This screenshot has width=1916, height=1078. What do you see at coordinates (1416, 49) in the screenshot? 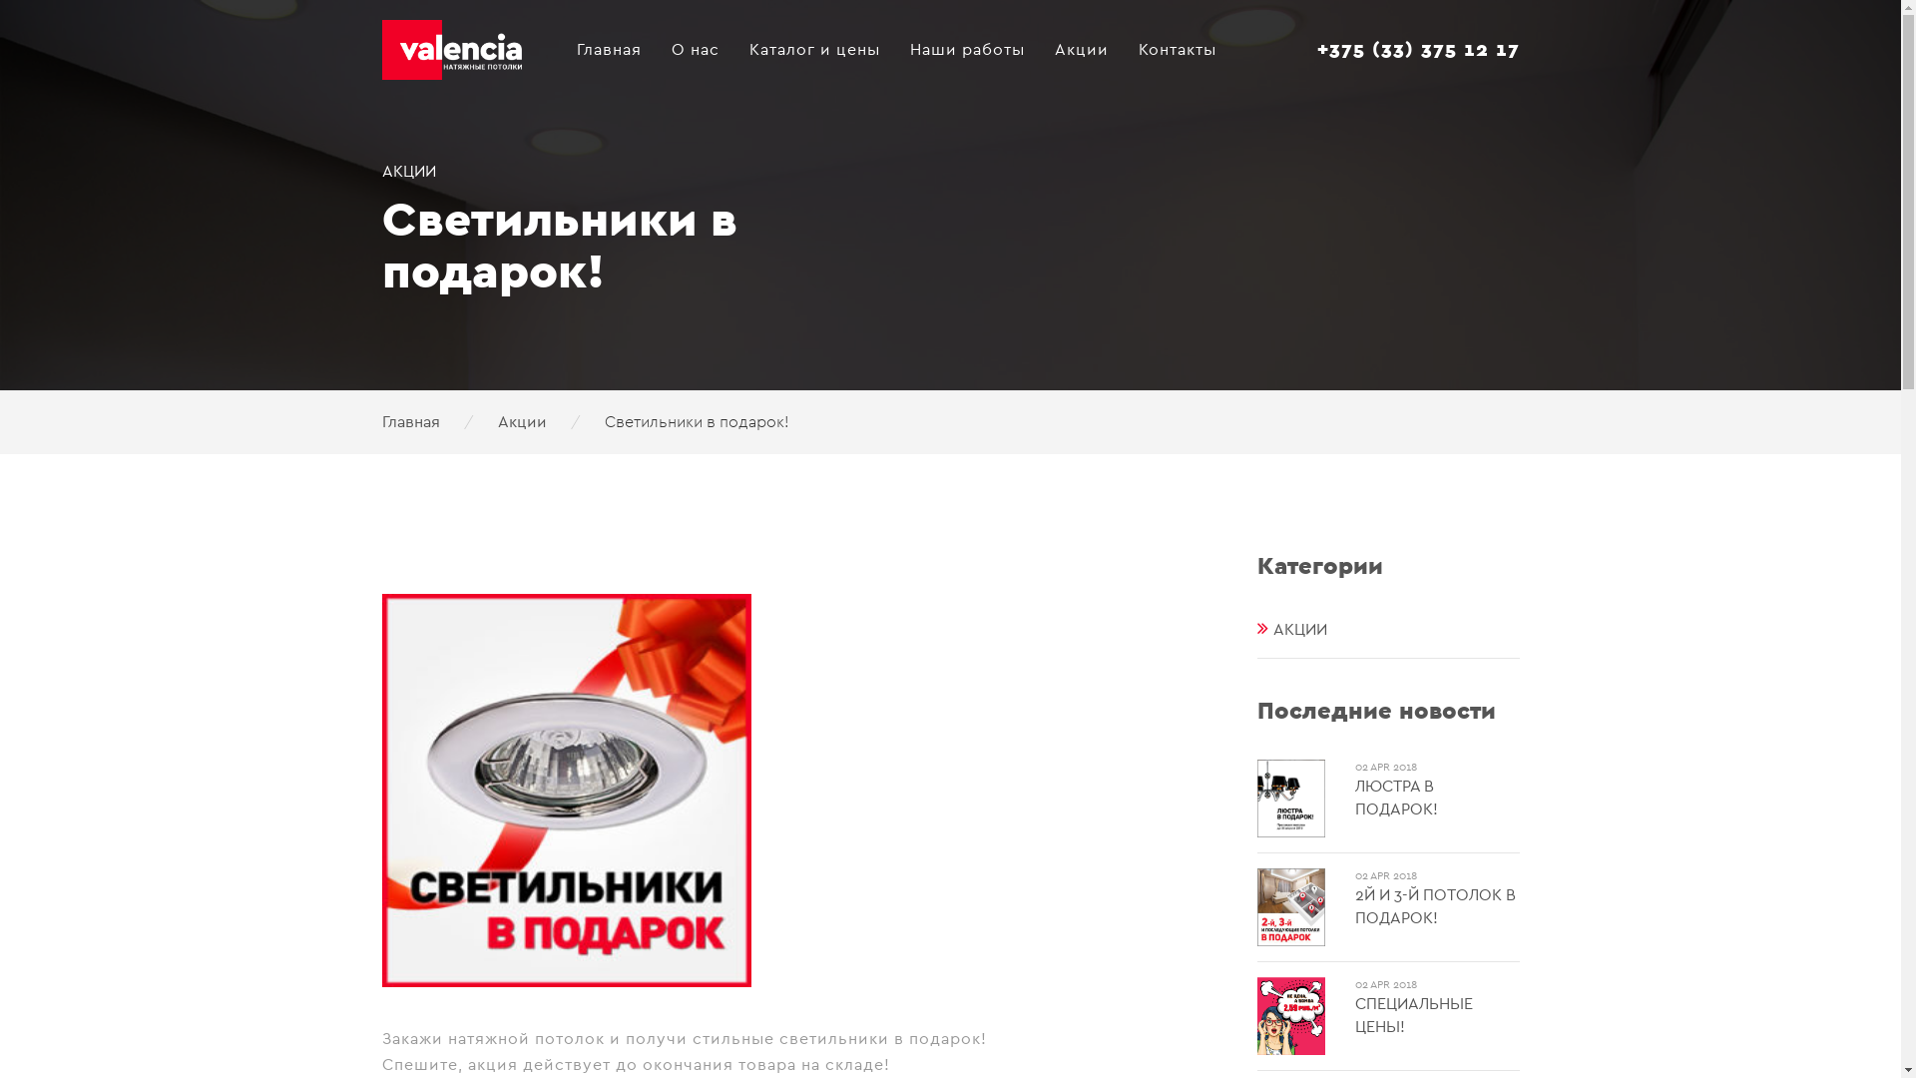
I see `'+375 (33) 375 12 17'` at bounding box center [1416, 49].